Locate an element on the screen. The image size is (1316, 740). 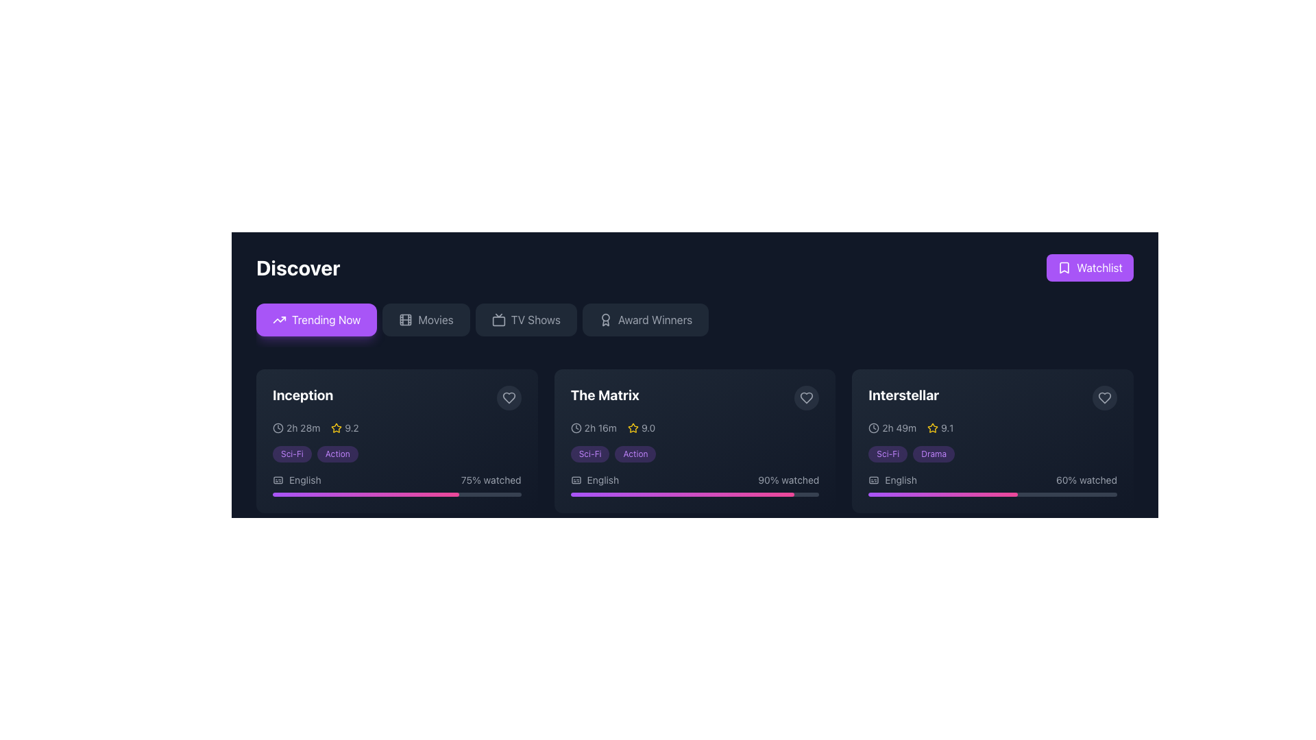
the white bookmark icon embedded in the purple 'Watchlist' button located at the top-right corner of the interface is located at coordinates (1064, 267).